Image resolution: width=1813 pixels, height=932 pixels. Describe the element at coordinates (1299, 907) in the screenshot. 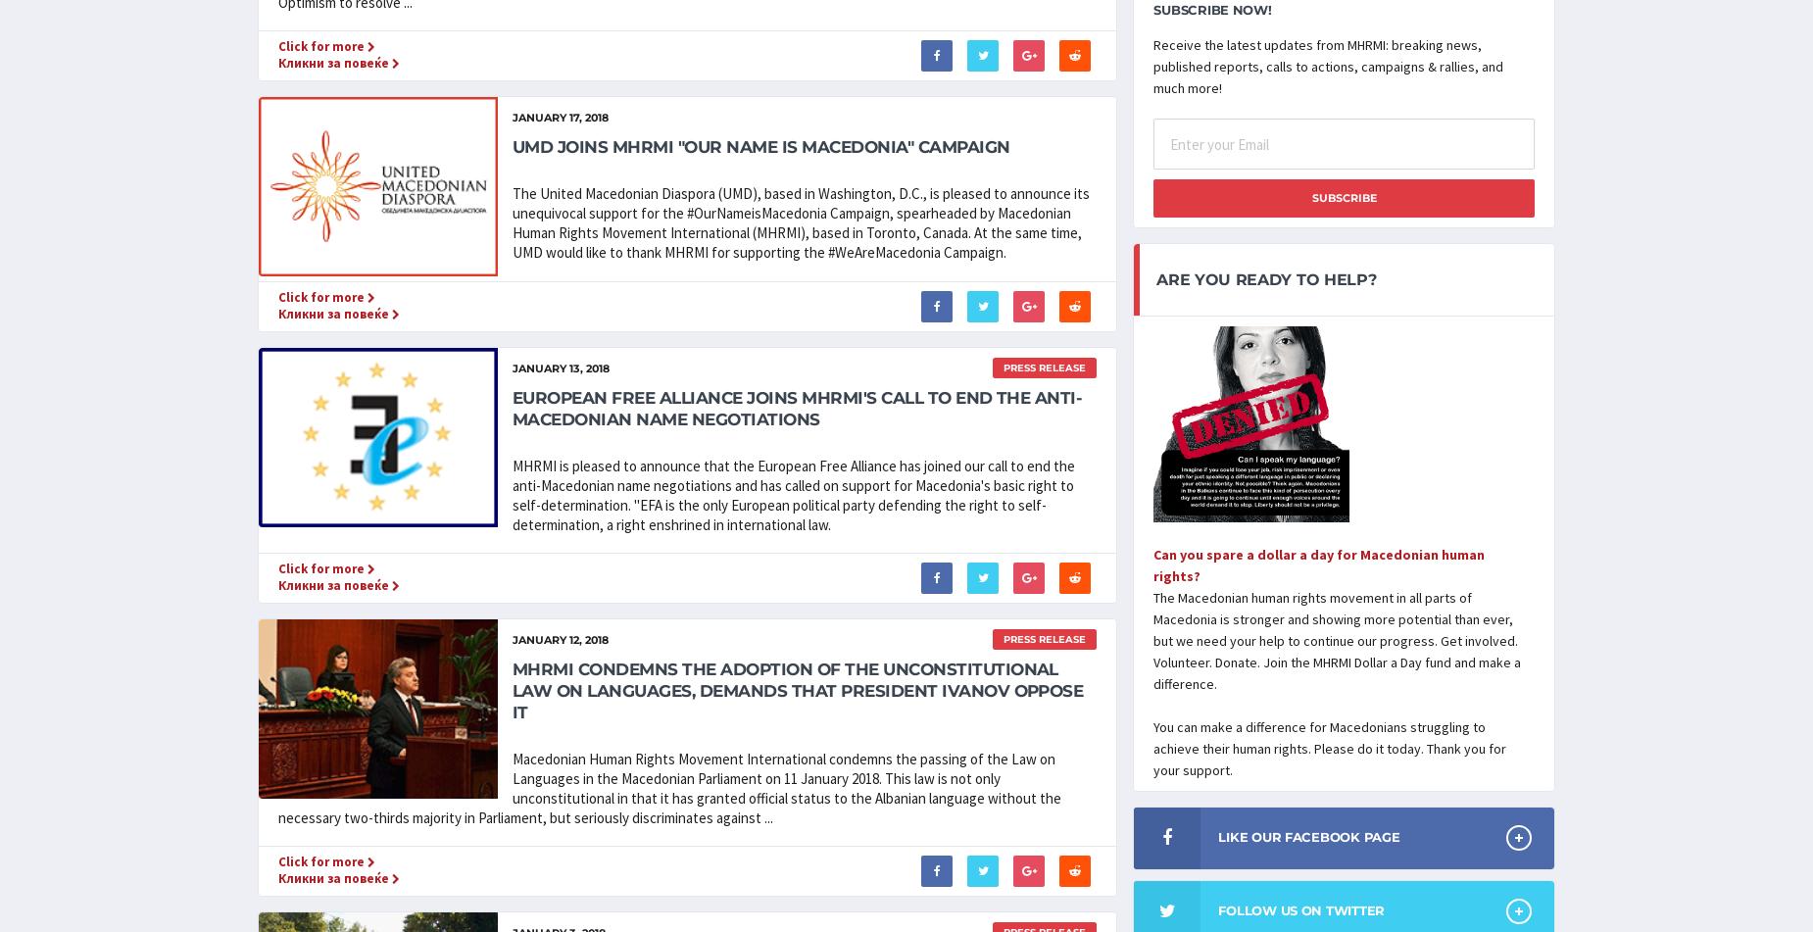

I see `'Follow Us on Twitter'` at that location.